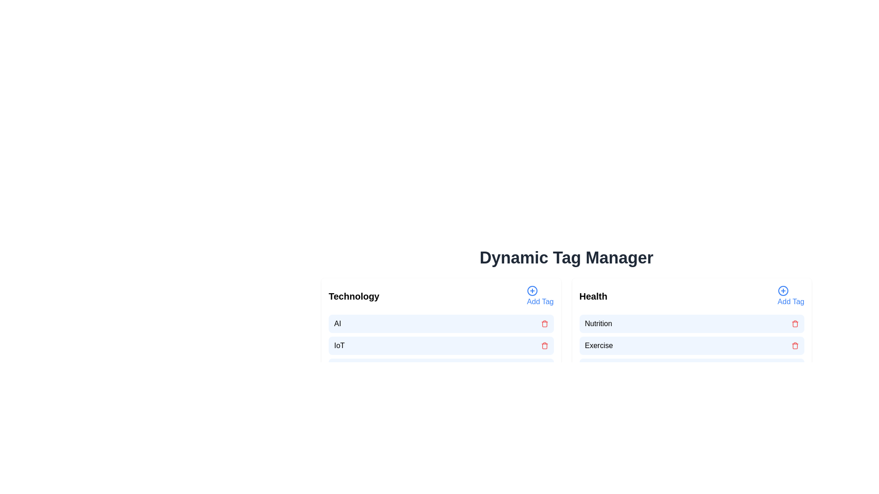 This screenshot has width=879, height=494. What do you see at coordinates (599, 346) in the screenshot?
I see `text label element displaying 'Exercise' located in the 'Health' section, directly below 'Nutrition', for further details` at bounding box center [599, 346].